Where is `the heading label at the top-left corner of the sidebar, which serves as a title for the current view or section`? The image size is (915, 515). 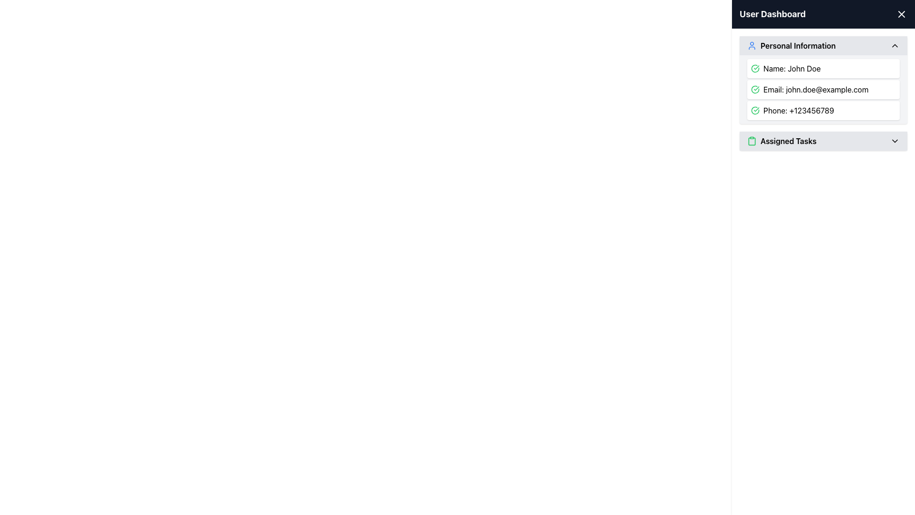 the heading label at the top-left corner of the sidebar, which serves as a title for the current view or section is located at coordinates (773, 14).